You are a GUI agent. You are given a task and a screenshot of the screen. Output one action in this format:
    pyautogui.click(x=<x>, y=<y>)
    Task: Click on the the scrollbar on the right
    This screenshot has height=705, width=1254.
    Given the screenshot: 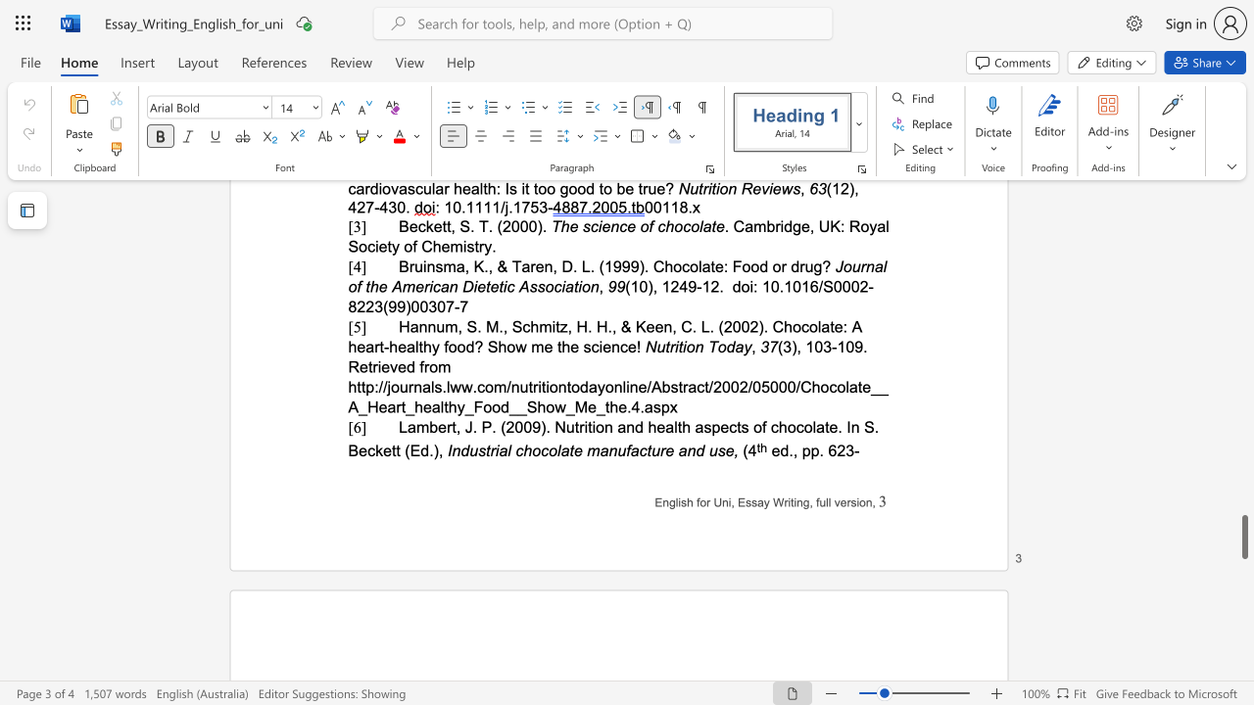 What is the action you would take?
    pyautogui.click(x=1243, y=311)
    